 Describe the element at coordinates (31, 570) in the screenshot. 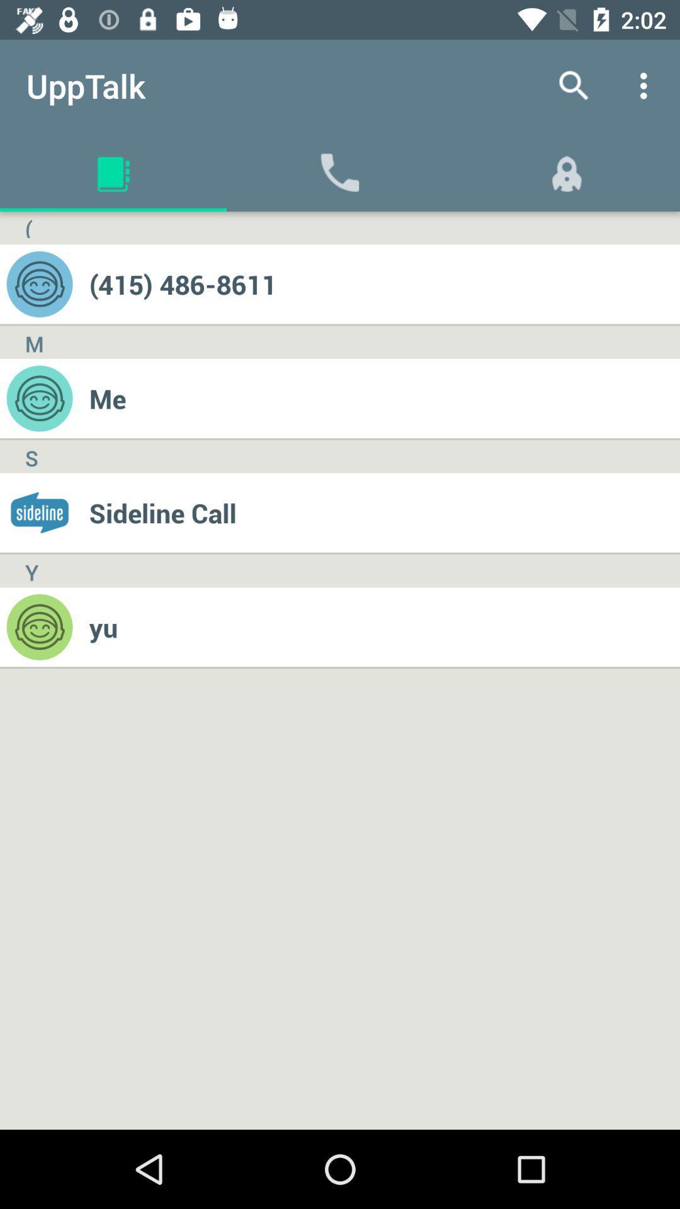

I see `the y` at that location.